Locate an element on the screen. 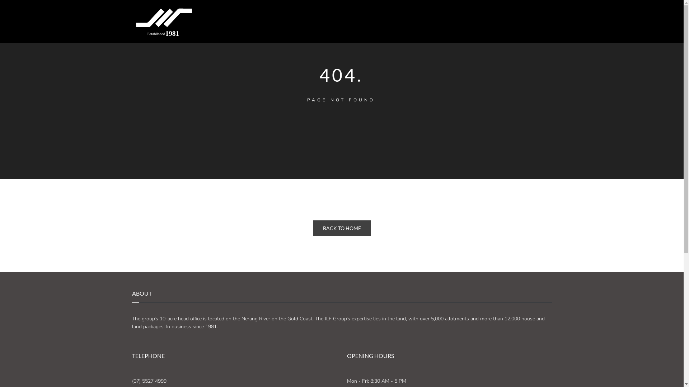  '(07) 5527 4999' is located at coordinates (149, 381).